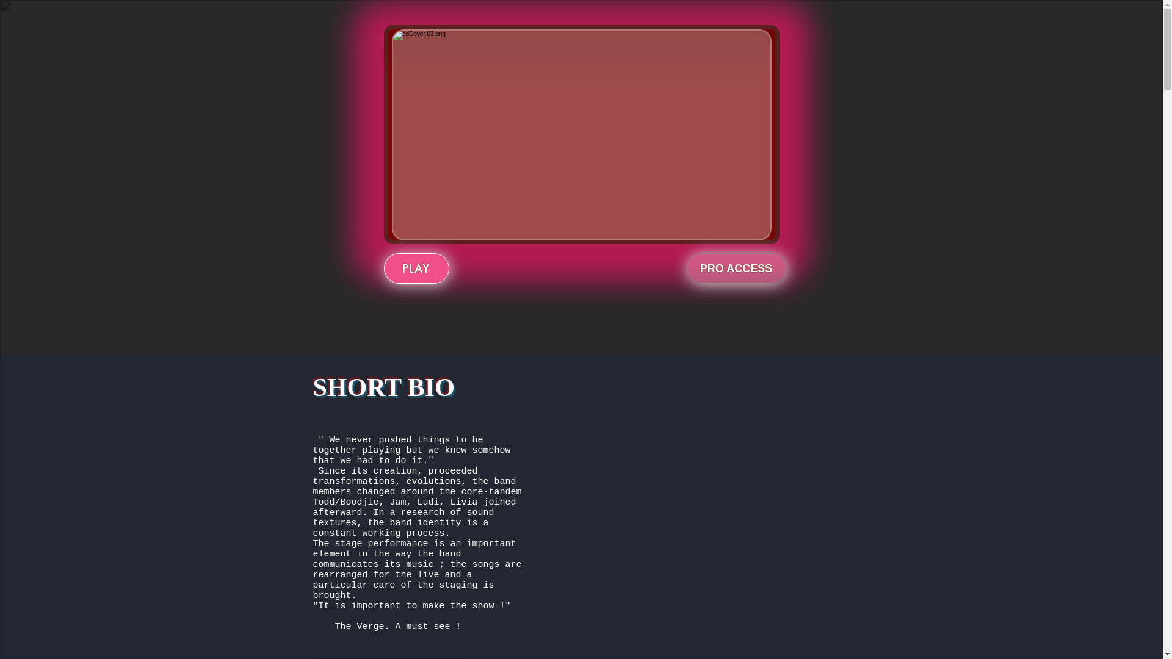 The image size is (1172, 659). What do you see at coordinates (416, 267) in the screenshot?
I see `'PLAY'` at bounding box center [416, 267].